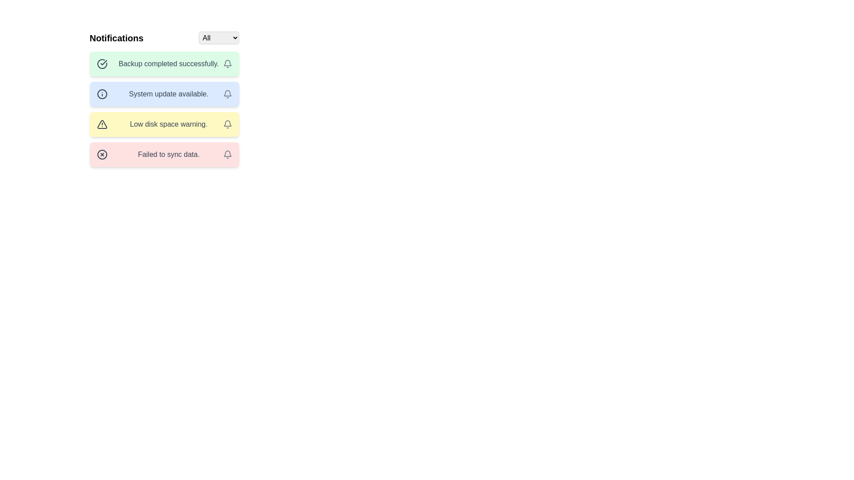 The height and width of the screenshot is (480, 854). What do you see at coordinates (164, 63) in the screenshot?
I see `text content of the Notification card that indicates a successful backup completion, which is the first notification in the list` at bounding box center [164, 63].